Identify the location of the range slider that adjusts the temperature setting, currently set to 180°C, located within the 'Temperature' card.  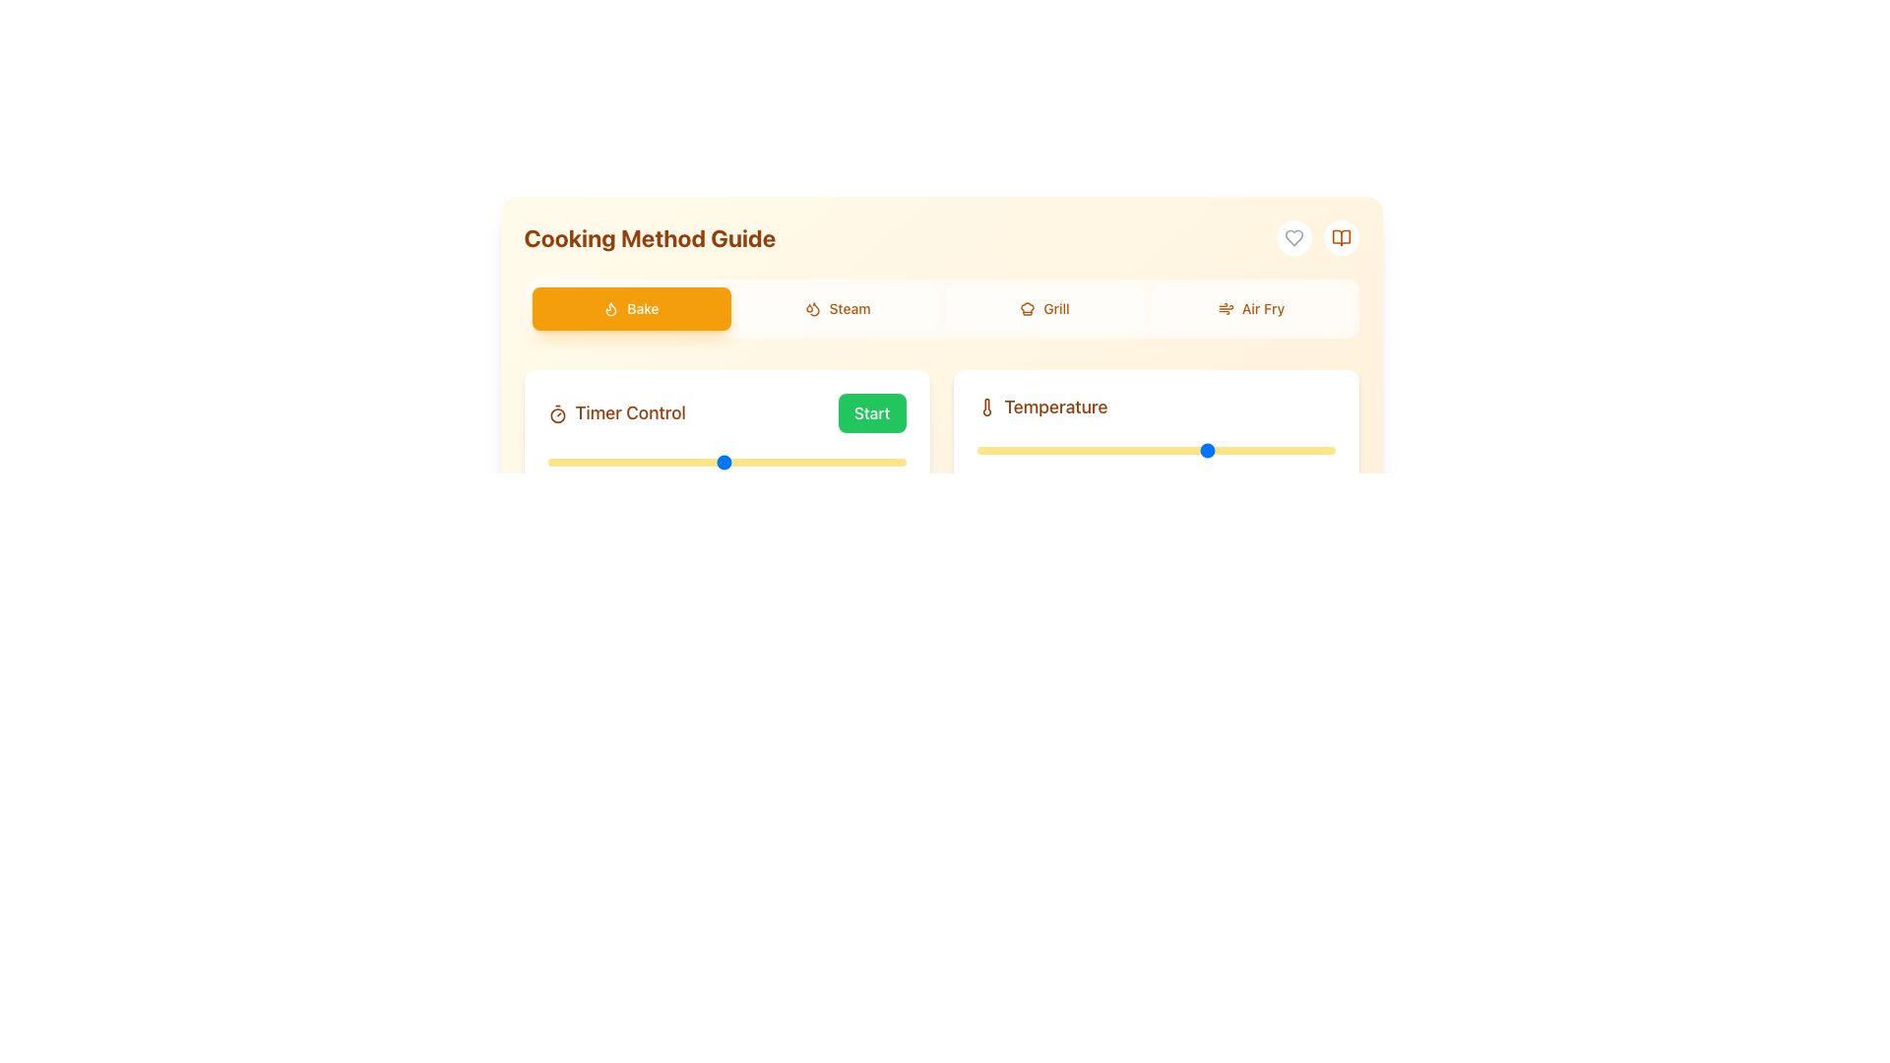
(1156, 451).